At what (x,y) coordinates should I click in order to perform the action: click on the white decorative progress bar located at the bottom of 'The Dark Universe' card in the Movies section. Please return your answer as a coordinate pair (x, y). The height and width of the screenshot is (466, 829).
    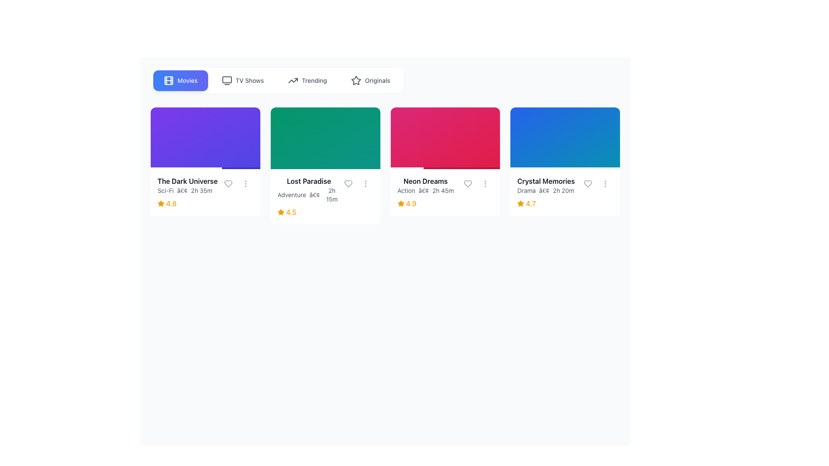
    Looking at the image, I should click on (186, 168).